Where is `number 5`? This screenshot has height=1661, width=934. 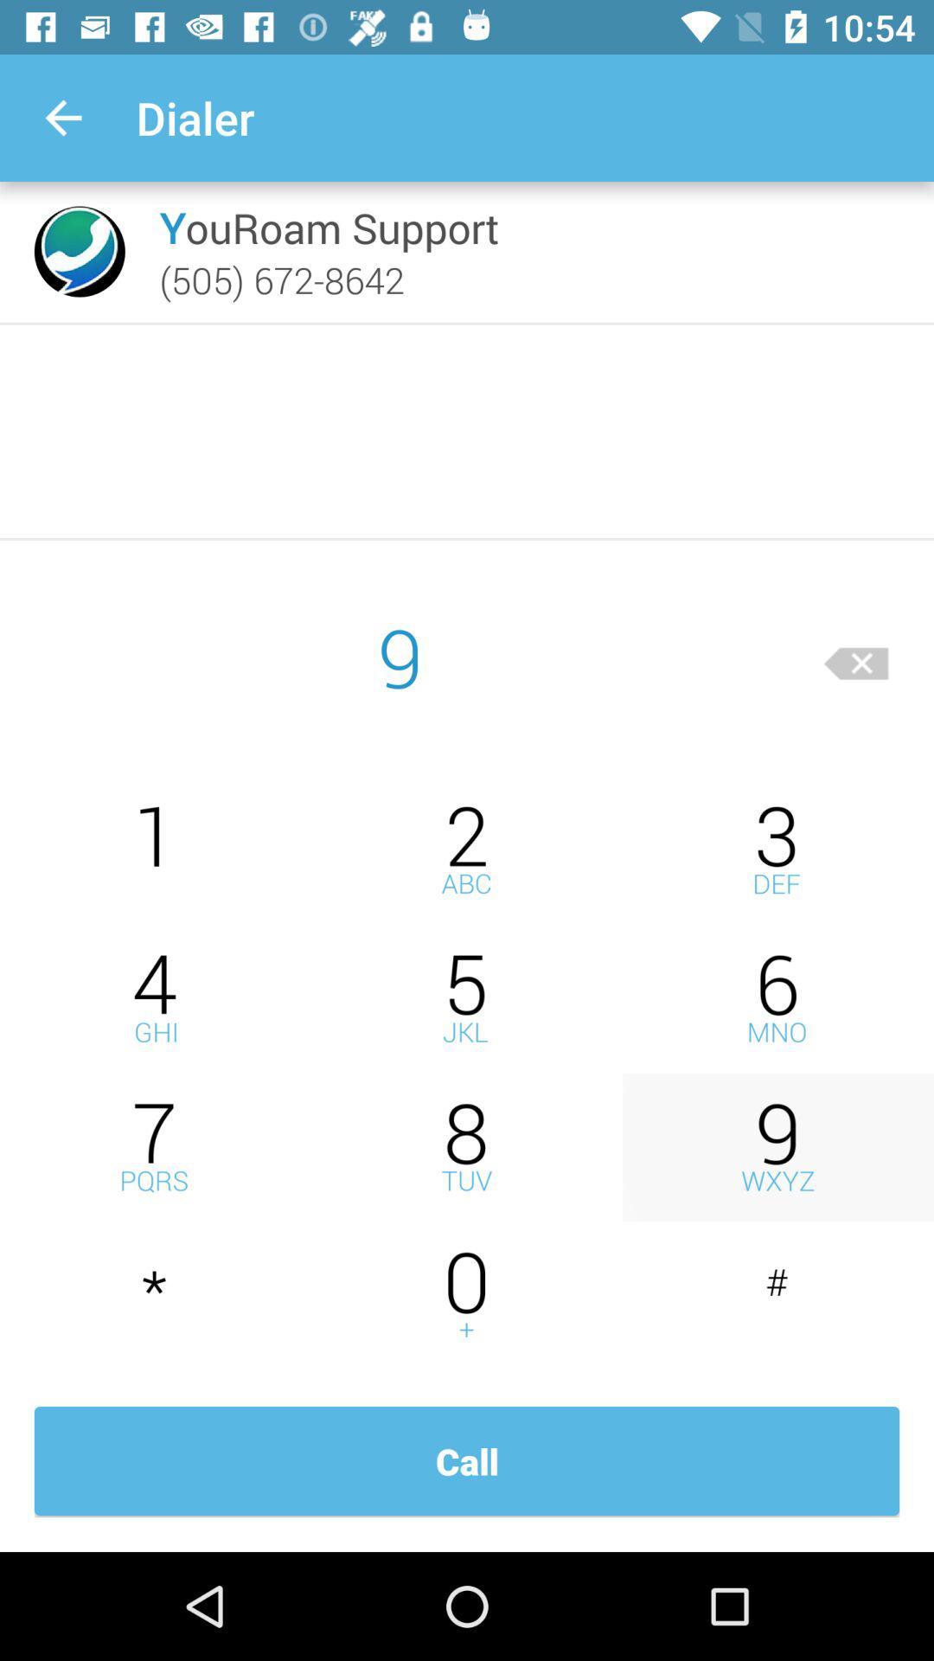 number 5 is located at coordinates (467, 998).